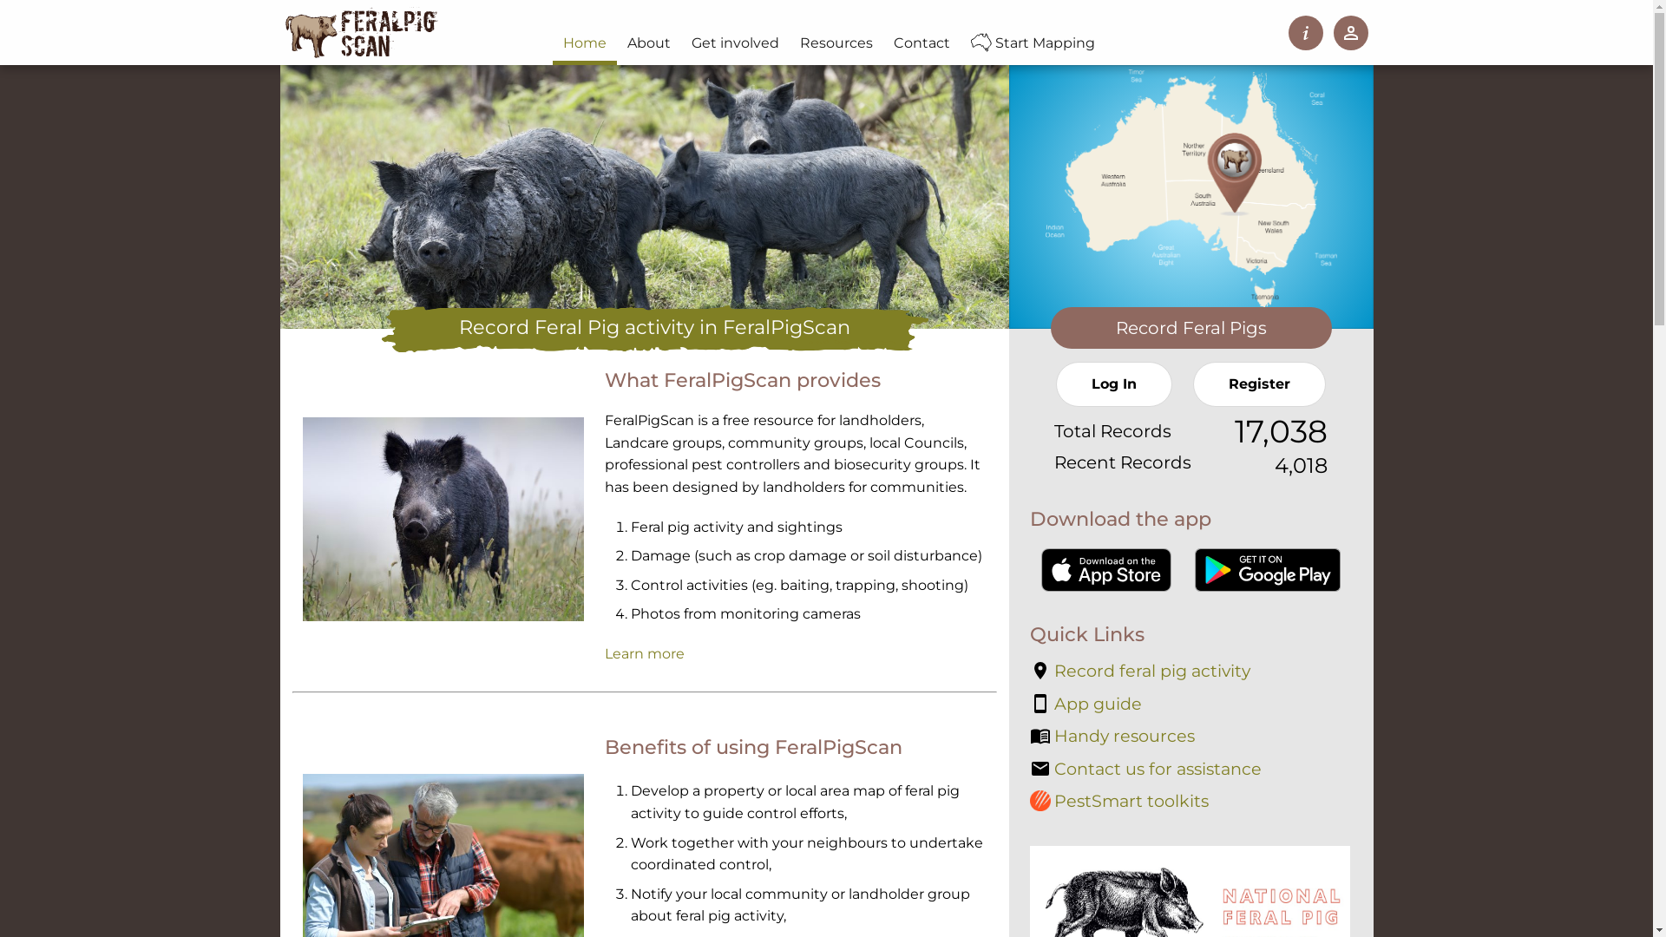  Describe the element at coordinates (1348, 33) in the screenshot. I see `'Log In / Register'` at that location.